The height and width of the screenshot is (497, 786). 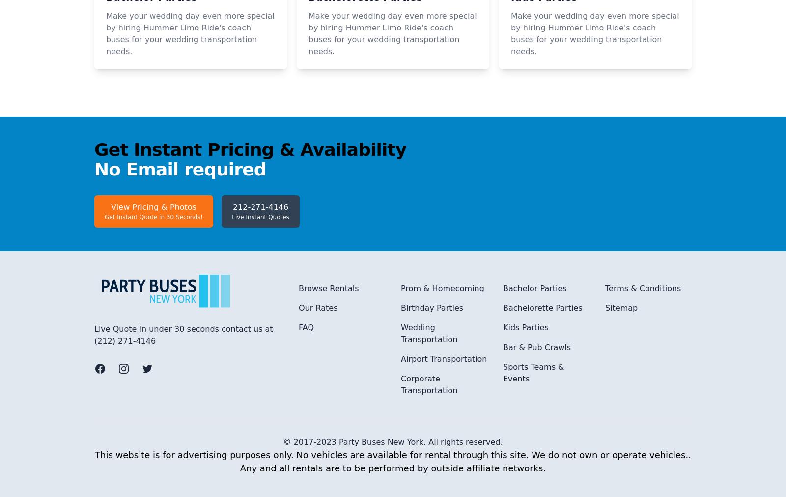 I want to click on 'No Email required', so click(x=94, y=300).